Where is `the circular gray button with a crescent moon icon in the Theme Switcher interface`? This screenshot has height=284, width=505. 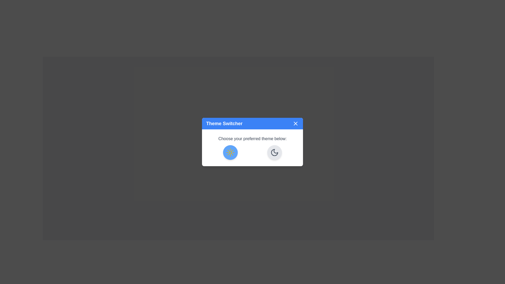
the circular gray button with a crescent moon icon in the Theme Switcher interface is located at coordinates (274, 152).